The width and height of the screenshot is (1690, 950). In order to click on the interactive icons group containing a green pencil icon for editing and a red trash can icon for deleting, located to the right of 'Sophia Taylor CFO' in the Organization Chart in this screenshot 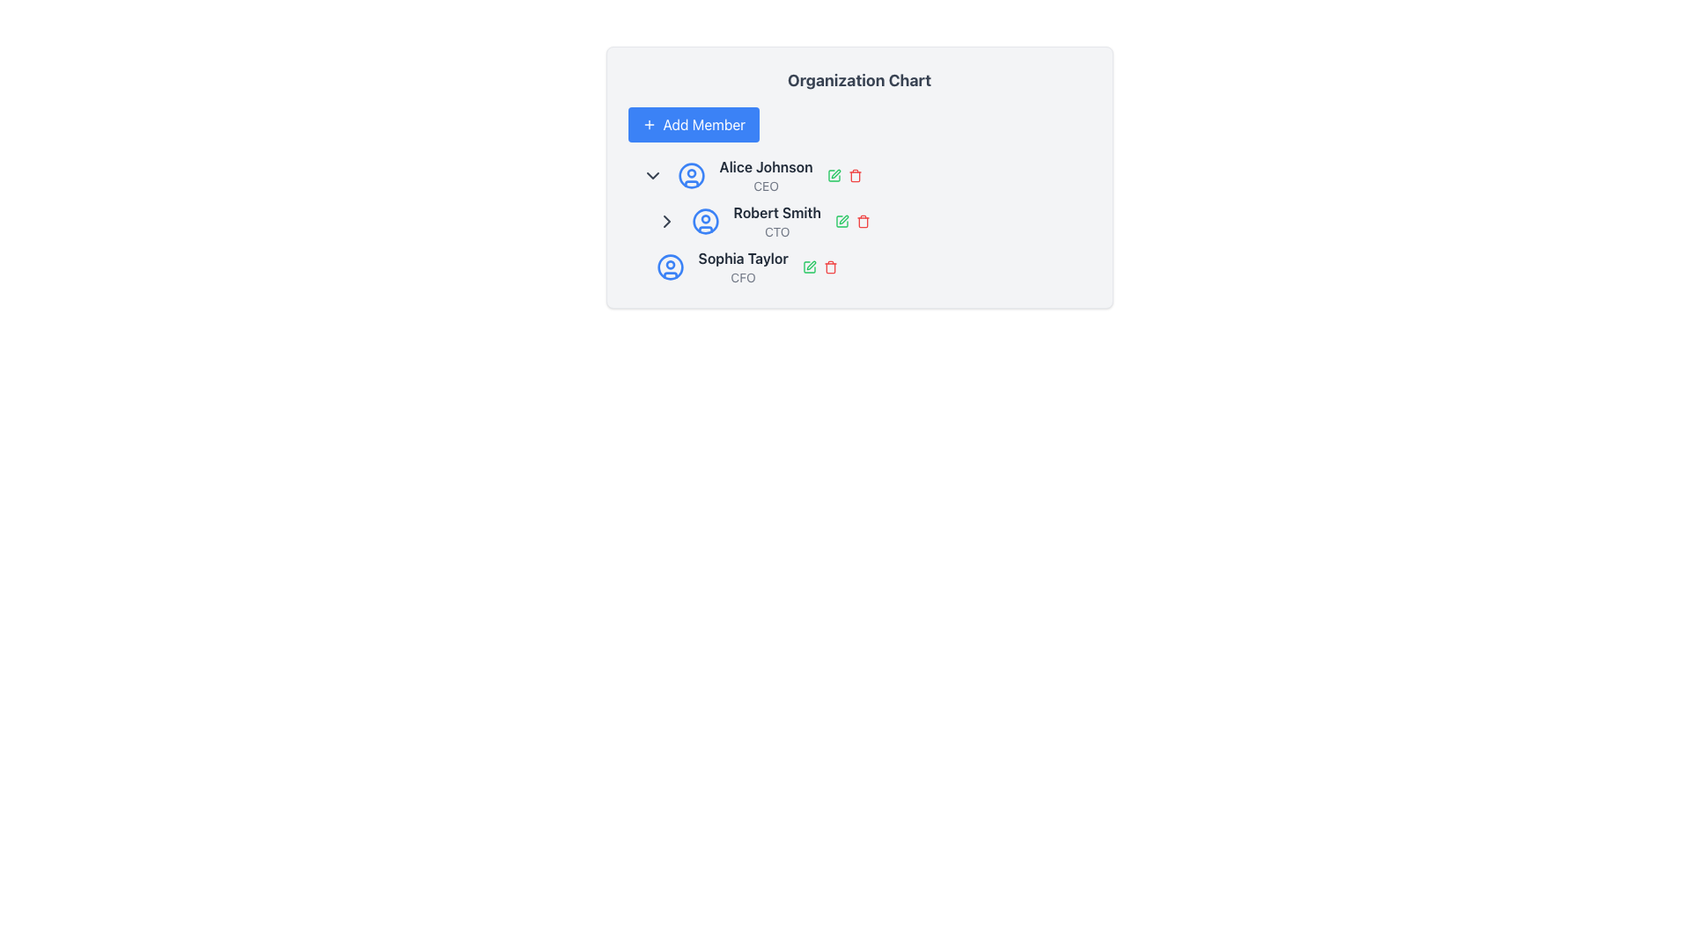, I will do `click(819, 267)`.